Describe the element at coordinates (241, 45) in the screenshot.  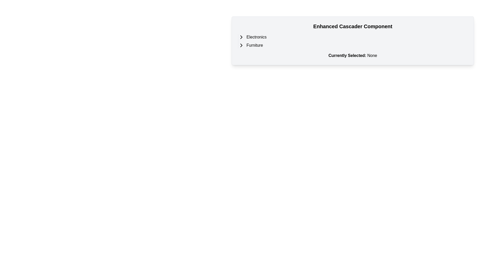
I see `the icon button located to the left of the text 'Furniture'` at that location.